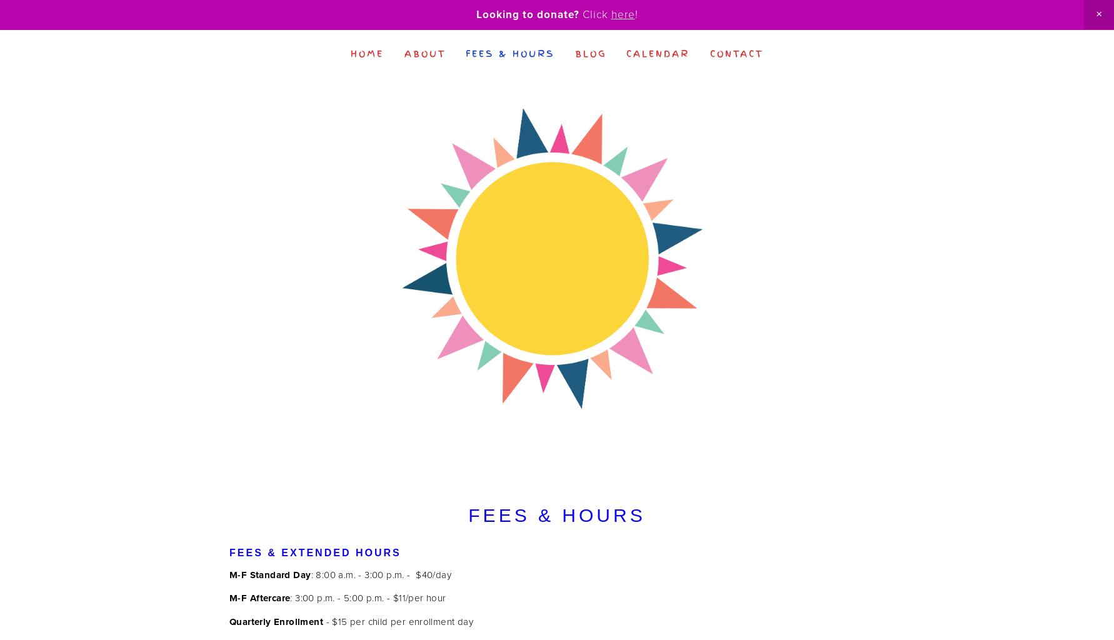 This screenshot has width=1114, height=640. What do you see at coordinates (528, 14) in the screenshot?
I see `'Looking to donate?'` at bounding box center [528, 14].